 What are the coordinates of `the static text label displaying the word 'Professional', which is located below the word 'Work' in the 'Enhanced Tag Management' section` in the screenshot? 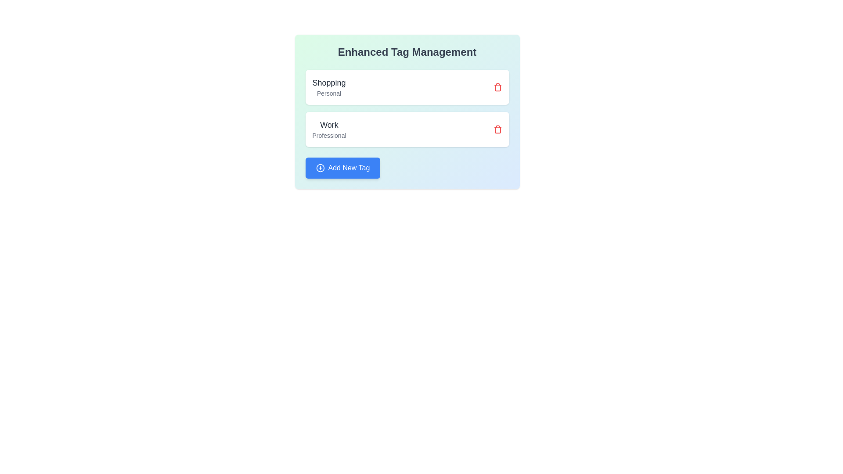 It's located at (328, 135).